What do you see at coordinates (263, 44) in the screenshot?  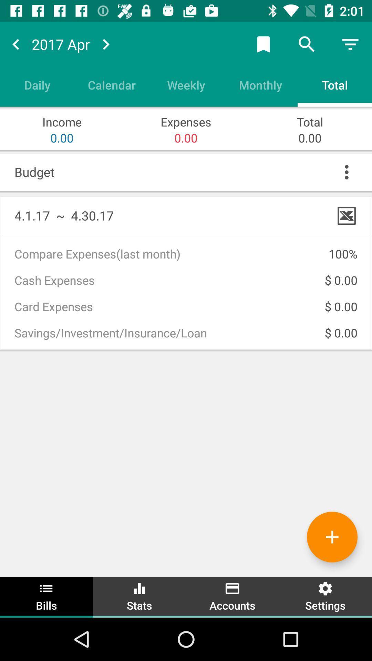 I see `share` at bounding box center [263, 44].